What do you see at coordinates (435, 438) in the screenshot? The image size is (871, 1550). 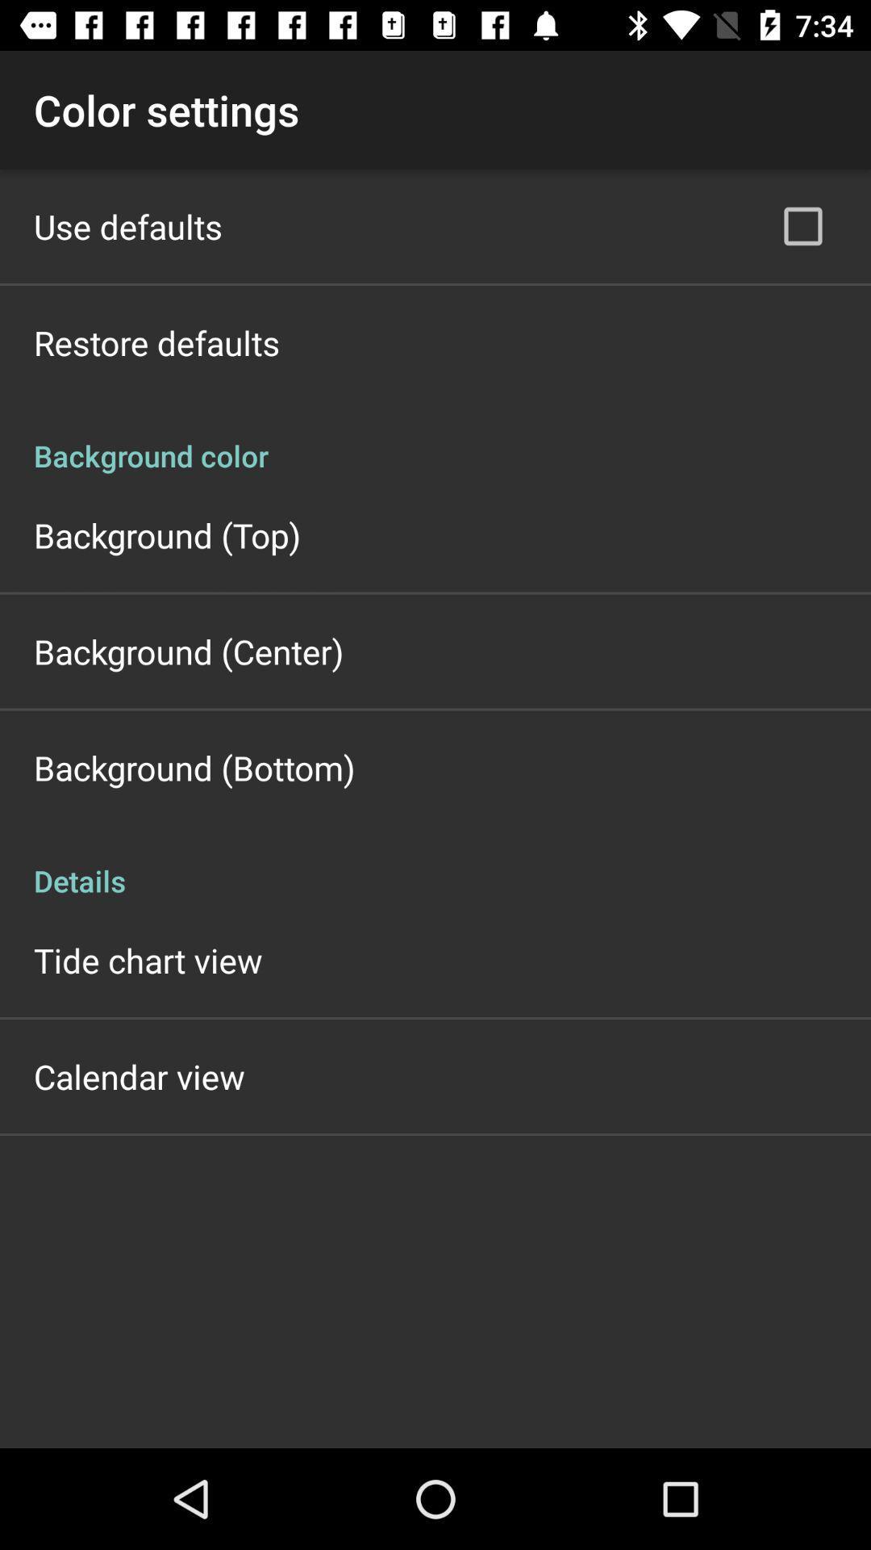 I see `the app below restore defaults app` at bounding box center [435, 438].